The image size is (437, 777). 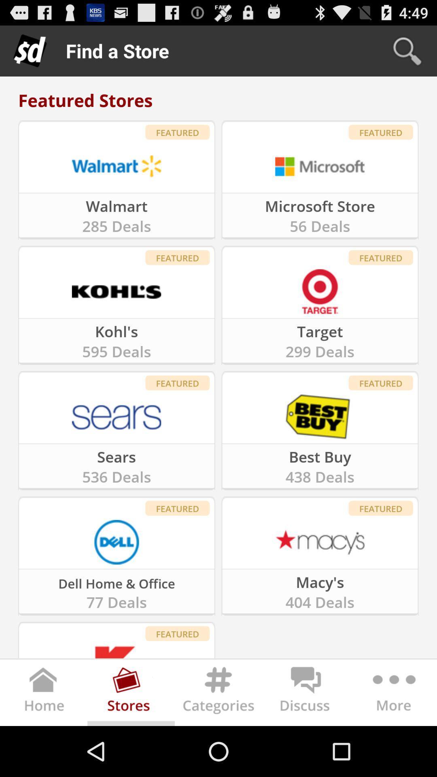 What do you see at coordinates (44, 694) in the screenshot?
I see `in the left corner there will be the home icon` at bounding box center [44, 694].